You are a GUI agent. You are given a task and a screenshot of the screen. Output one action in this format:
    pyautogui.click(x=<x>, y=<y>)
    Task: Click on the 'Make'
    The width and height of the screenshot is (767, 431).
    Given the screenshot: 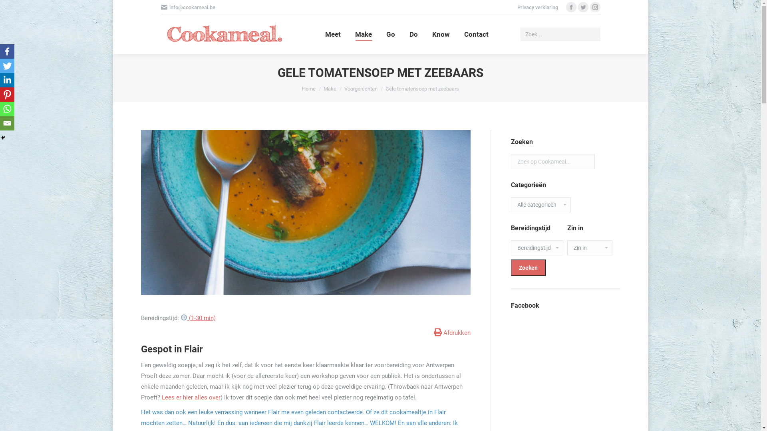 What is the action you would take?
    pyautogui.click(x=324, y=89)
    